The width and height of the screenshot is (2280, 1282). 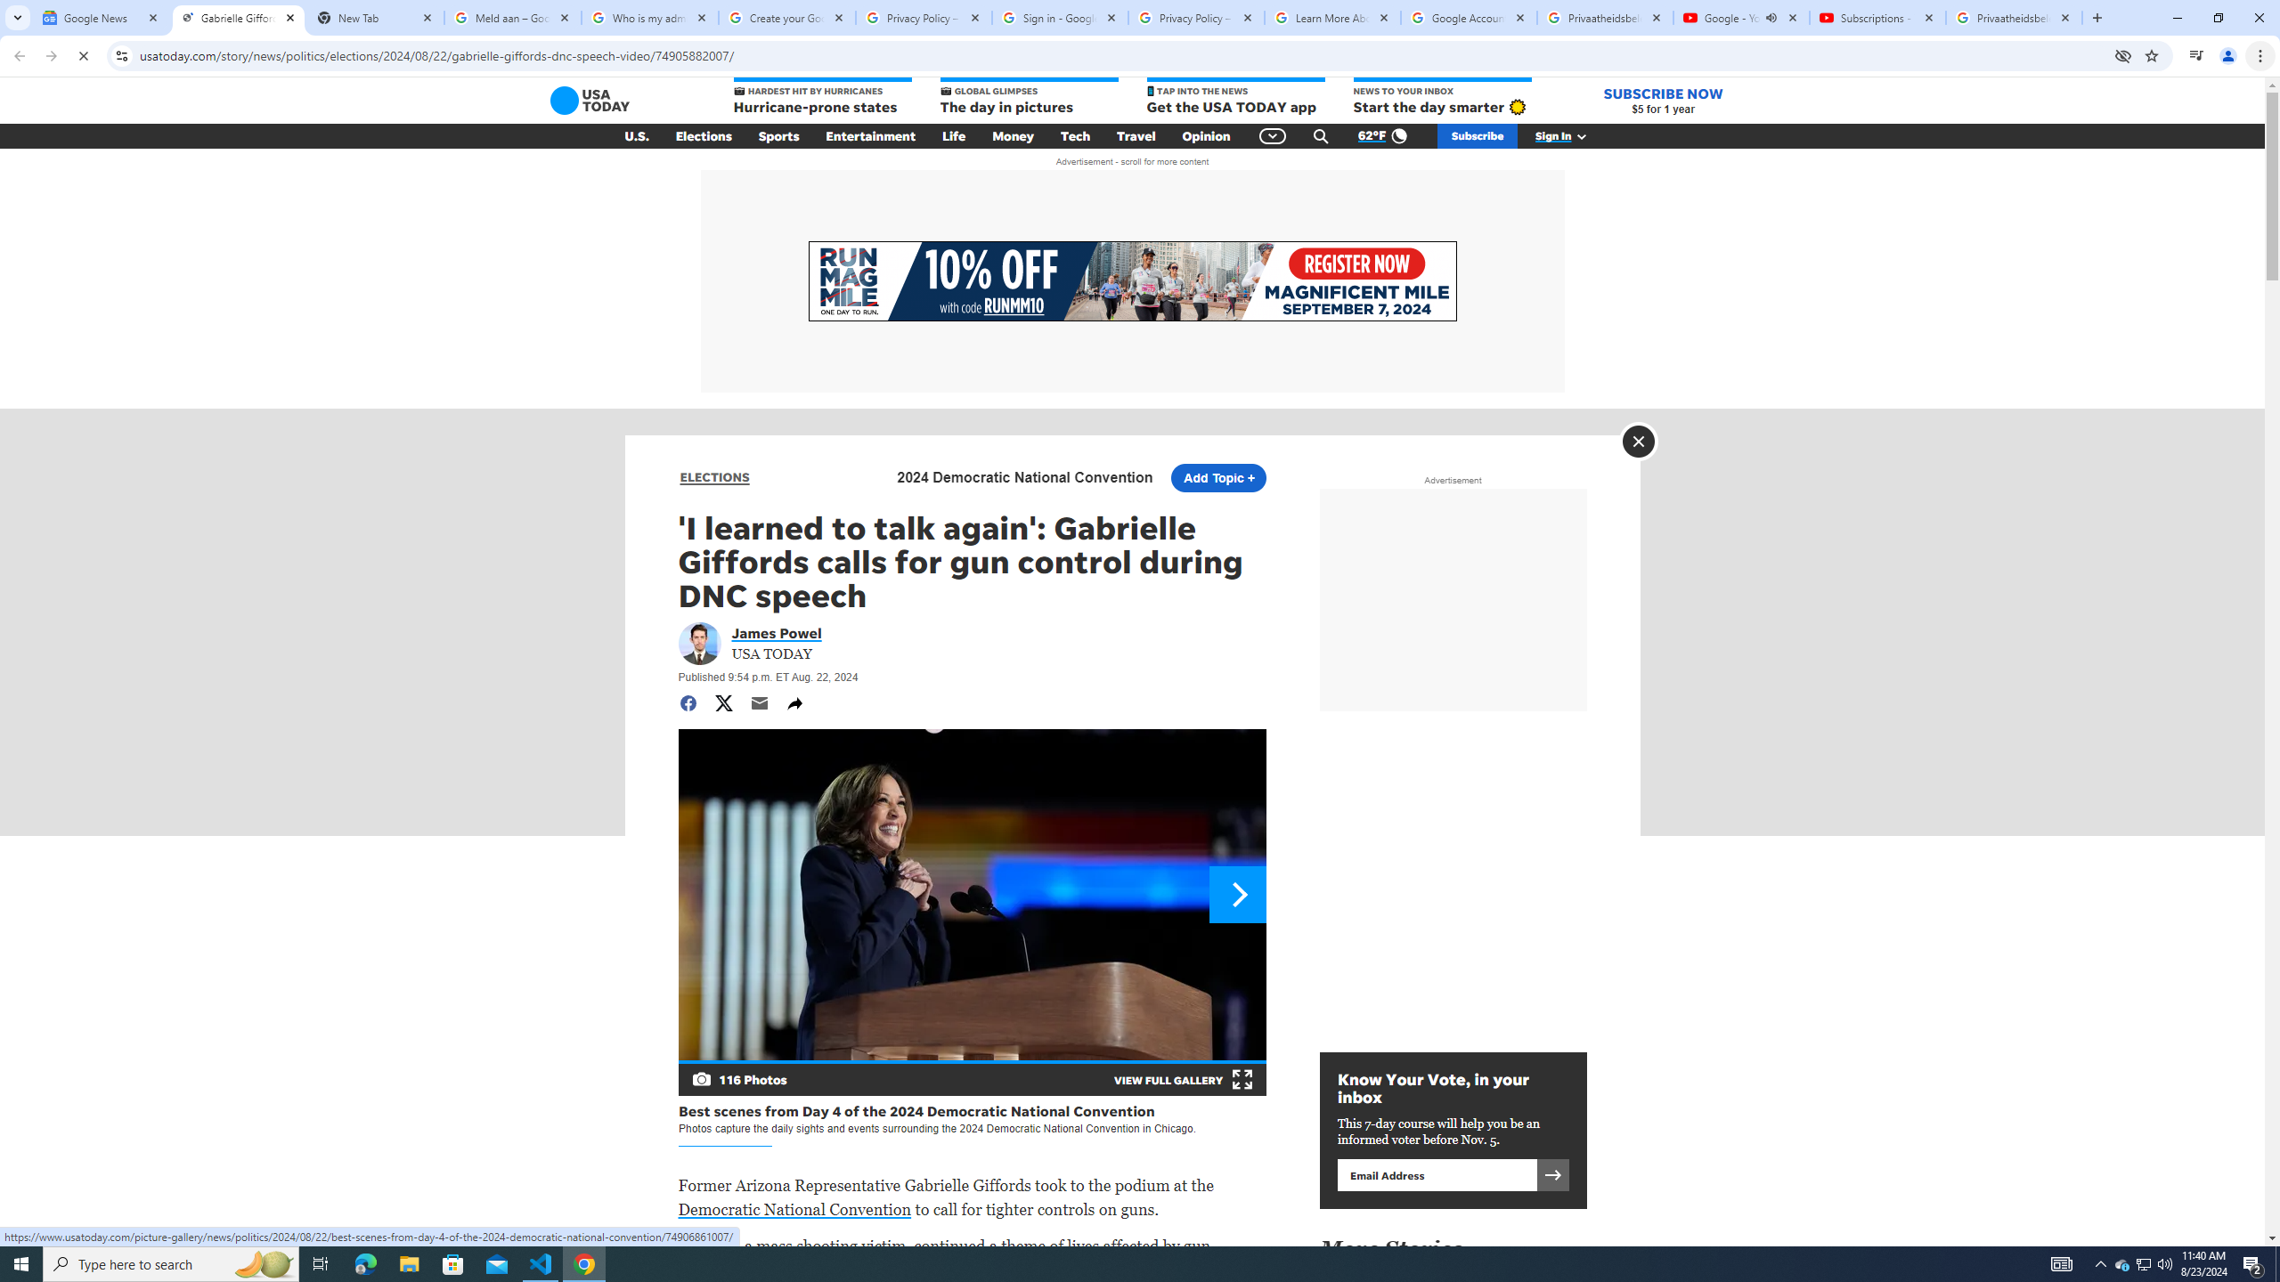 What do you see at coordinates (954, 136) in the screenshot?
I see `'Life'` at bounding box center [954, 136].